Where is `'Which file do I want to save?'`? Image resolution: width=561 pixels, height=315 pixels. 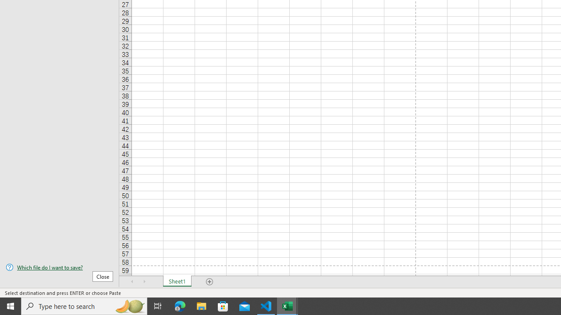
'Which file do I want to save?' is located at coordinates (59, 267).